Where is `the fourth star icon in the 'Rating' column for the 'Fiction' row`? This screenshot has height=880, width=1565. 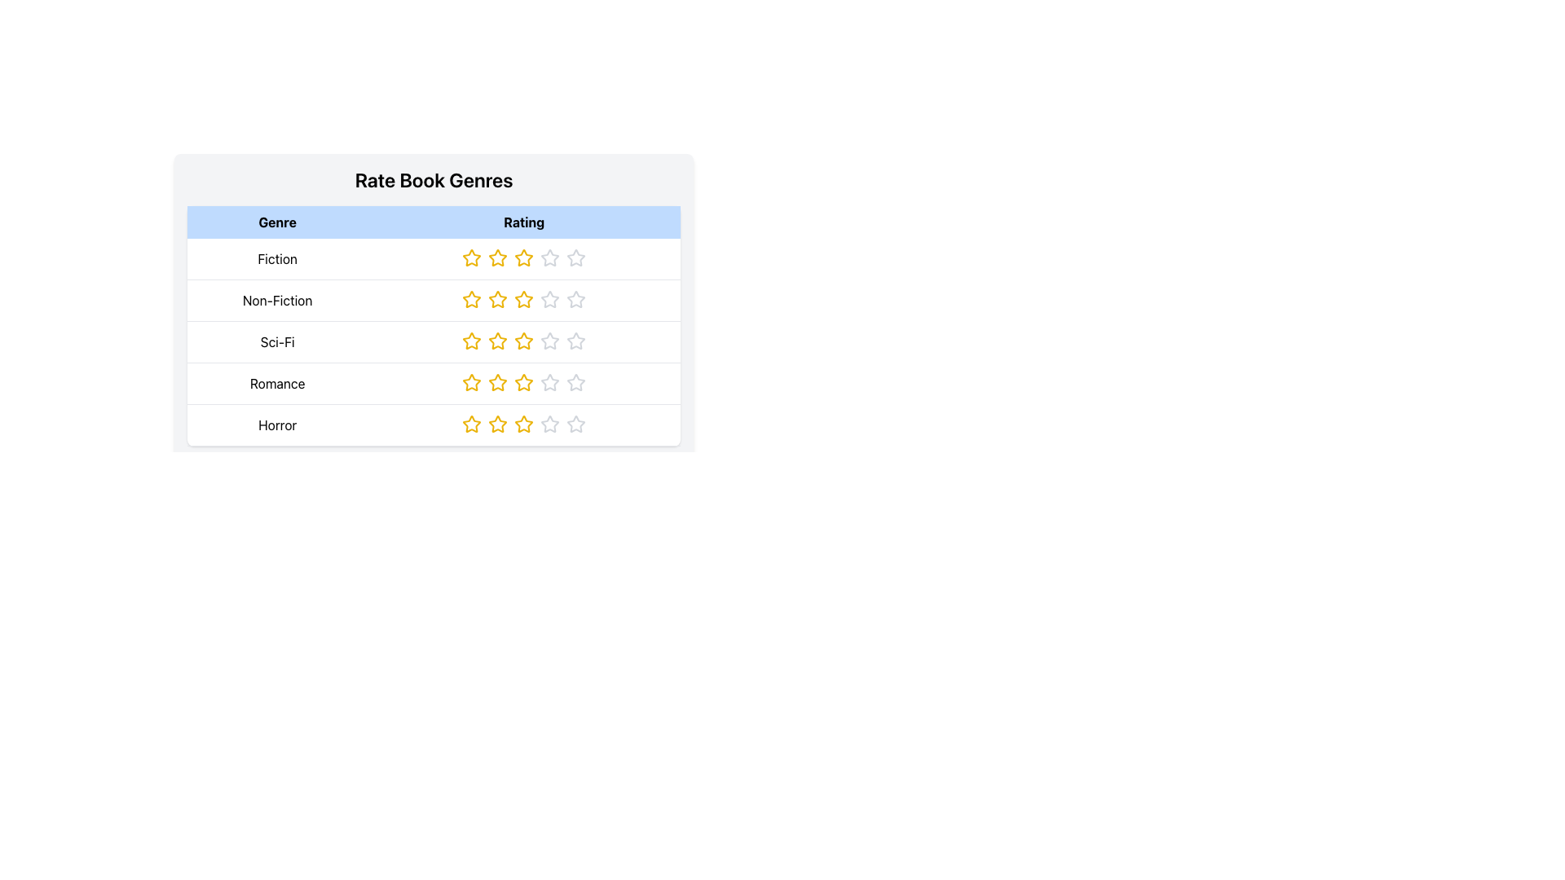
the fourth star icon in the 'Rating' column for the 'Fiction' row is located at coordinates (550, 257).